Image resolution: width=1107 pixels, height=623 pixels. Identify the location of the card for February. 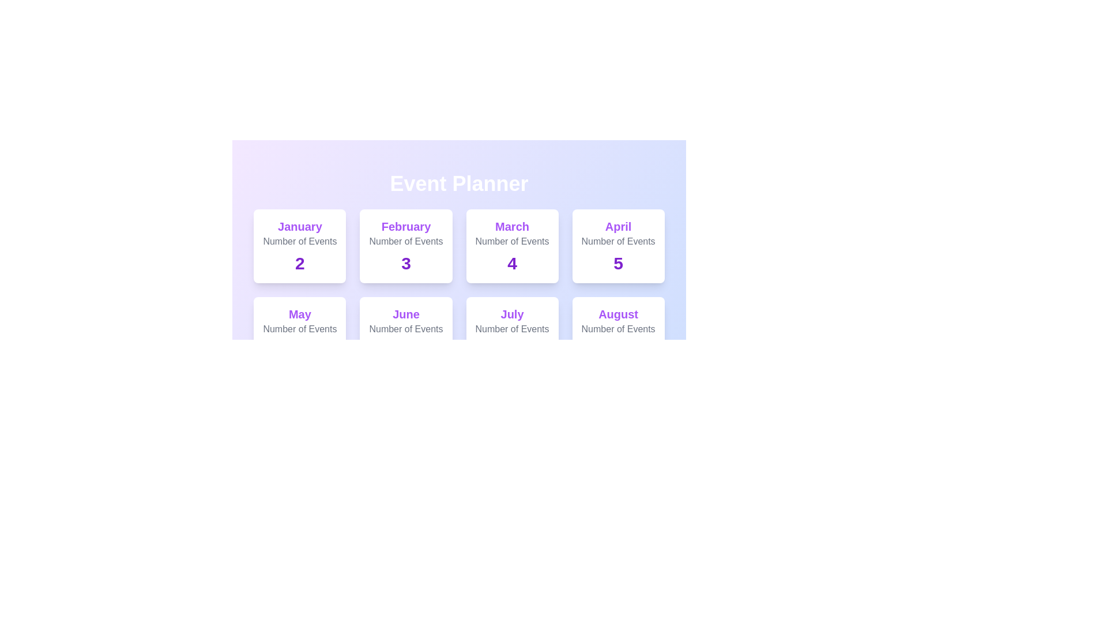
(406, 246).